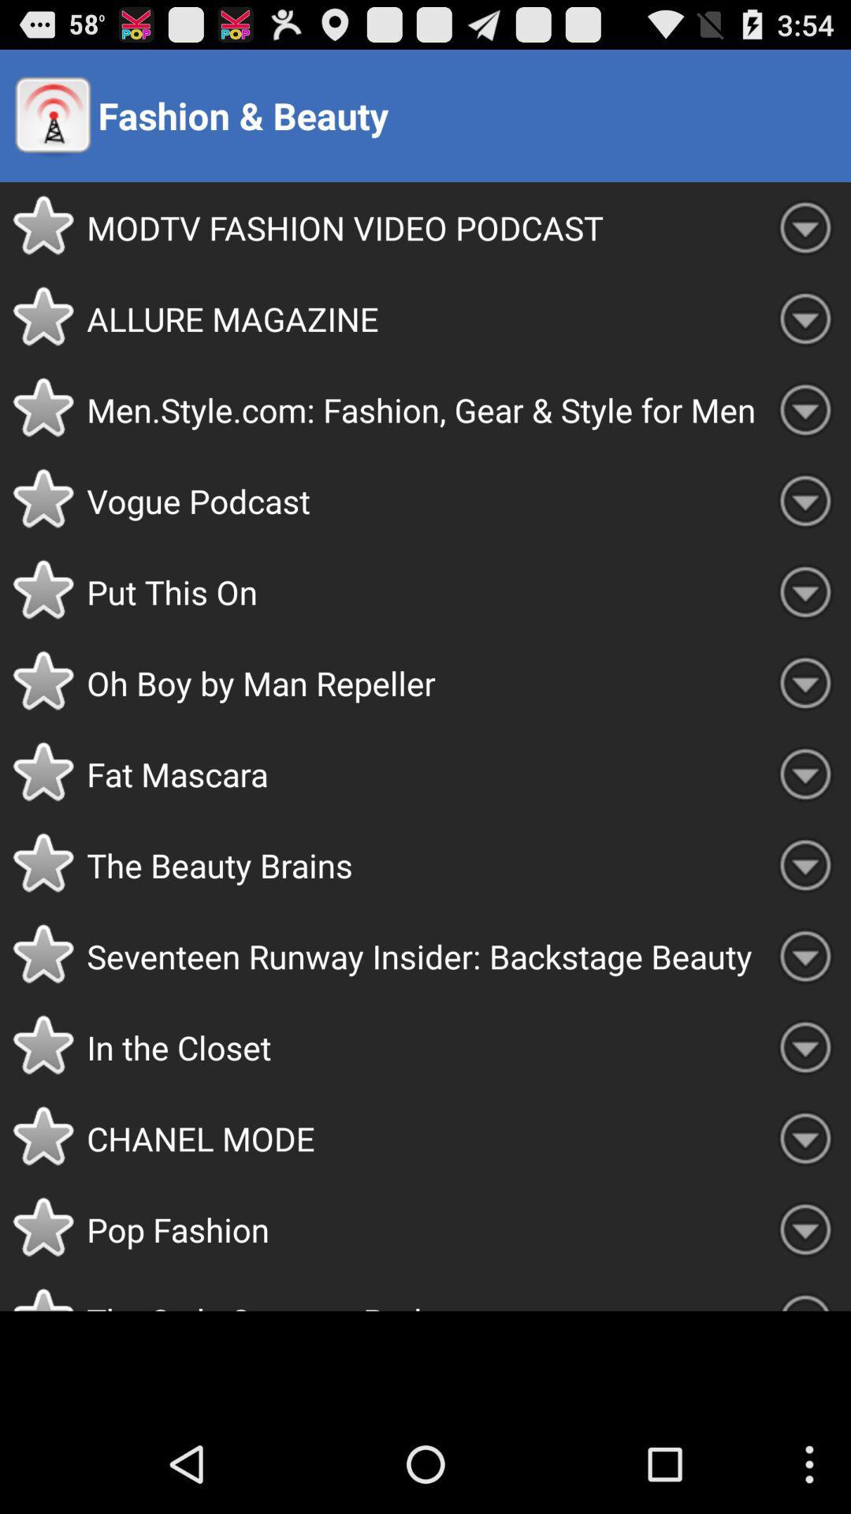 The height and width of the screenshot is (1514, 851). Describe the element at coordinates (422, 955) in the screenshot. I see `icon below the beauty brains` at that location.